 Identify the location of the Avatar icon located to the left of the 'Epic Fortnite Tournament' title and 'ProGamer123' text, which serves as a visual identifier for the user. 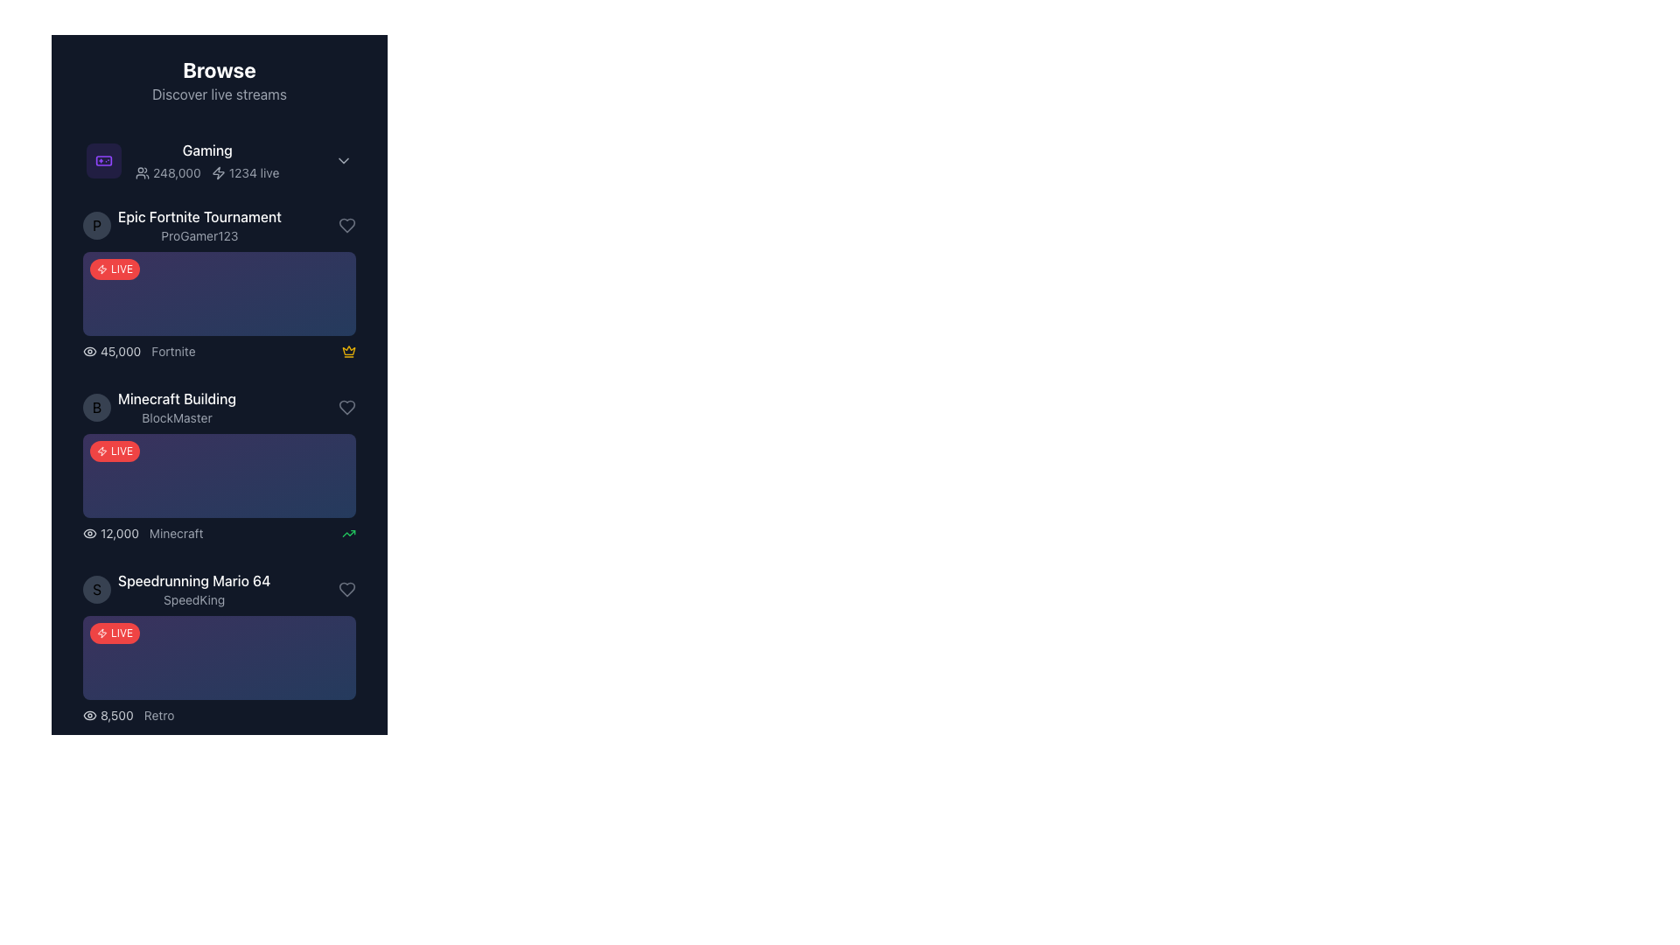
(95, 225).